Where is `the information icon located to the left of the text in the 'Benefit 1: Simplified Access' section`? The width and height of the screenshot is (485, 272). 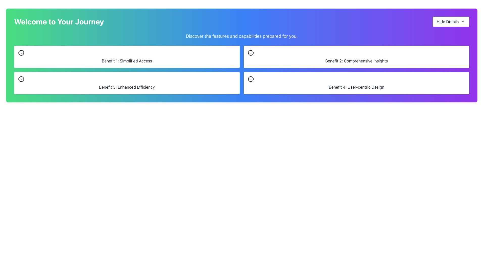 the information icon located to the left of the text in the 'Benefit 1: Simplified Access' section is located at coordinates (21, 53).